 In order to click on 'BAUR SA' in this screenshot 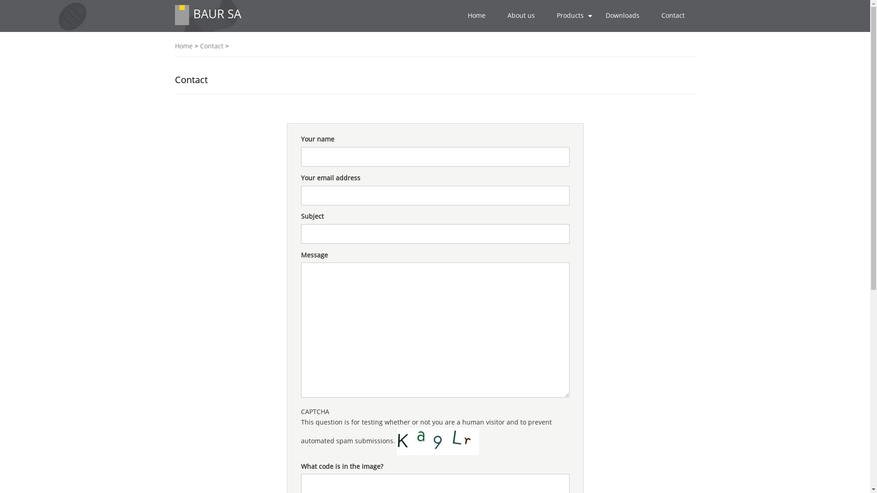, I will do `click(216, 14)`.